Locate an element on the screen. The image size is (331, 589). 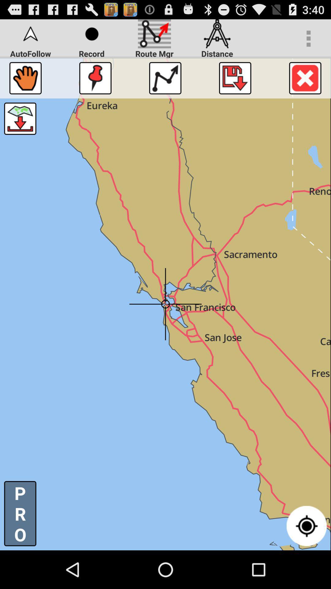
waypoint is located at coordinates (95, 78).